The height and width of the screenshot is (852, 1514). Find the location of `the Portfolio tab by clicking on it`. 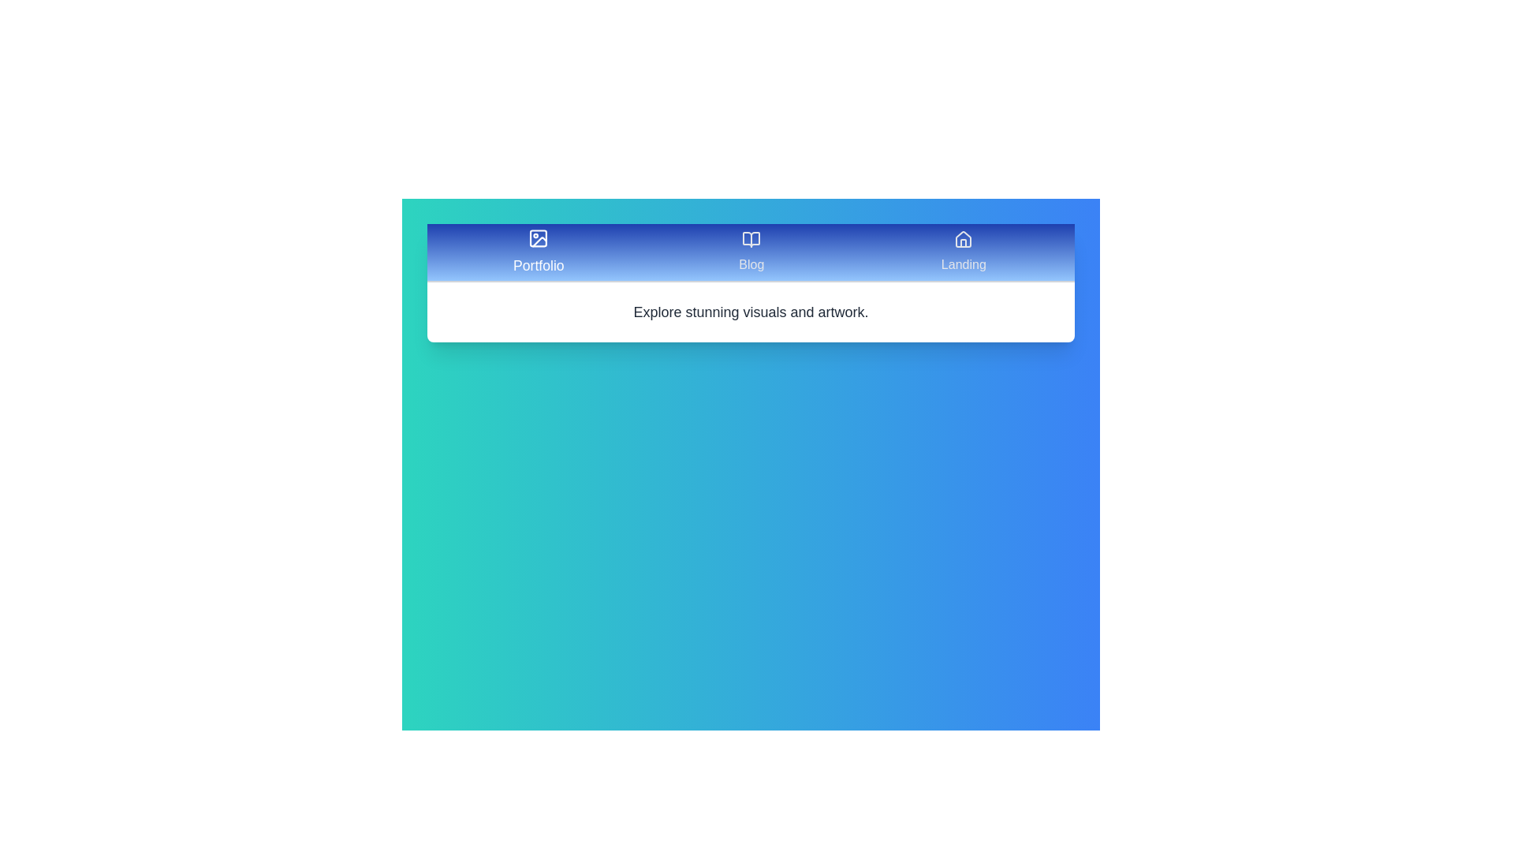

the Portfolio tab by clicking on it is located at coordinates (539, 252).